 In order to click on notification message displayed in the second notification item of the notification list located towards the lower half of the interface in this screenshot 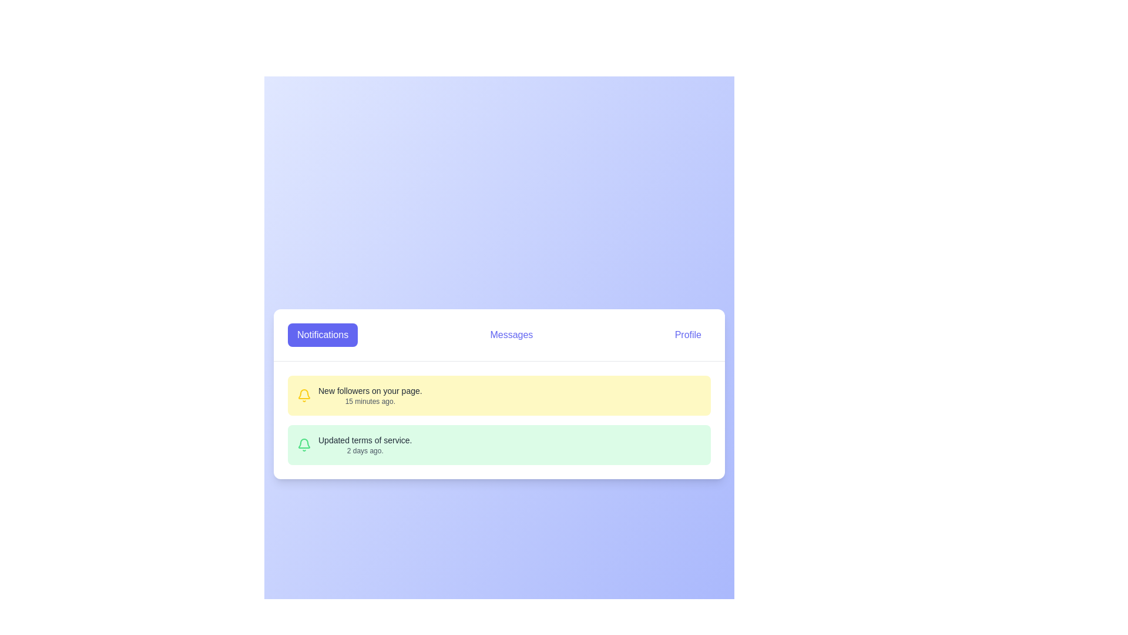, I will do `click(364, 444)`.